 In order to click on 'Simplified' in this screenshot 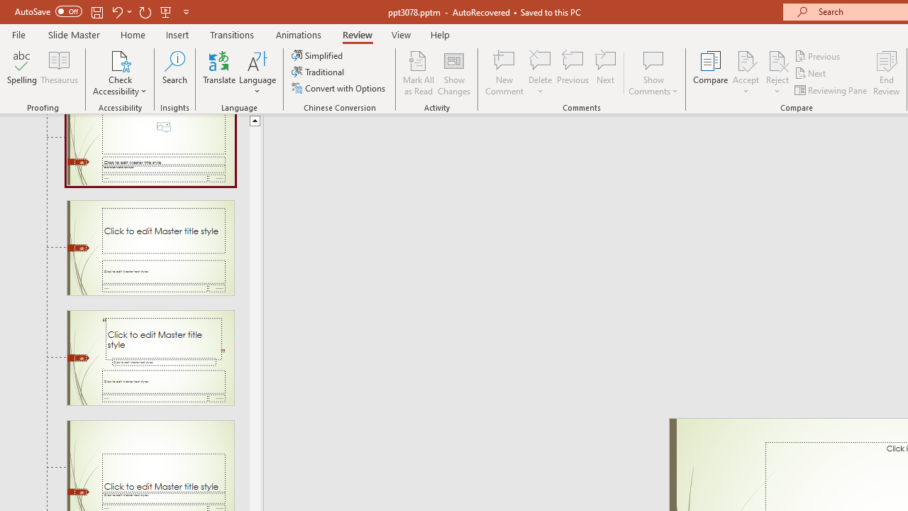, I will do `click(318, 55)`.